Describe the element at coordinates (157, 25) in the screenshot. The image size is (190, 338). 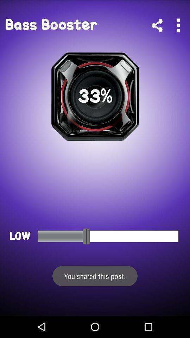
I see `share` at that location.